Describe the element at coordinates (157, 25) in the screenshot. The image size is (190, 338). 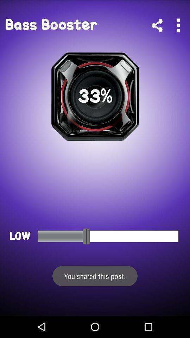
I see `share` at that location.